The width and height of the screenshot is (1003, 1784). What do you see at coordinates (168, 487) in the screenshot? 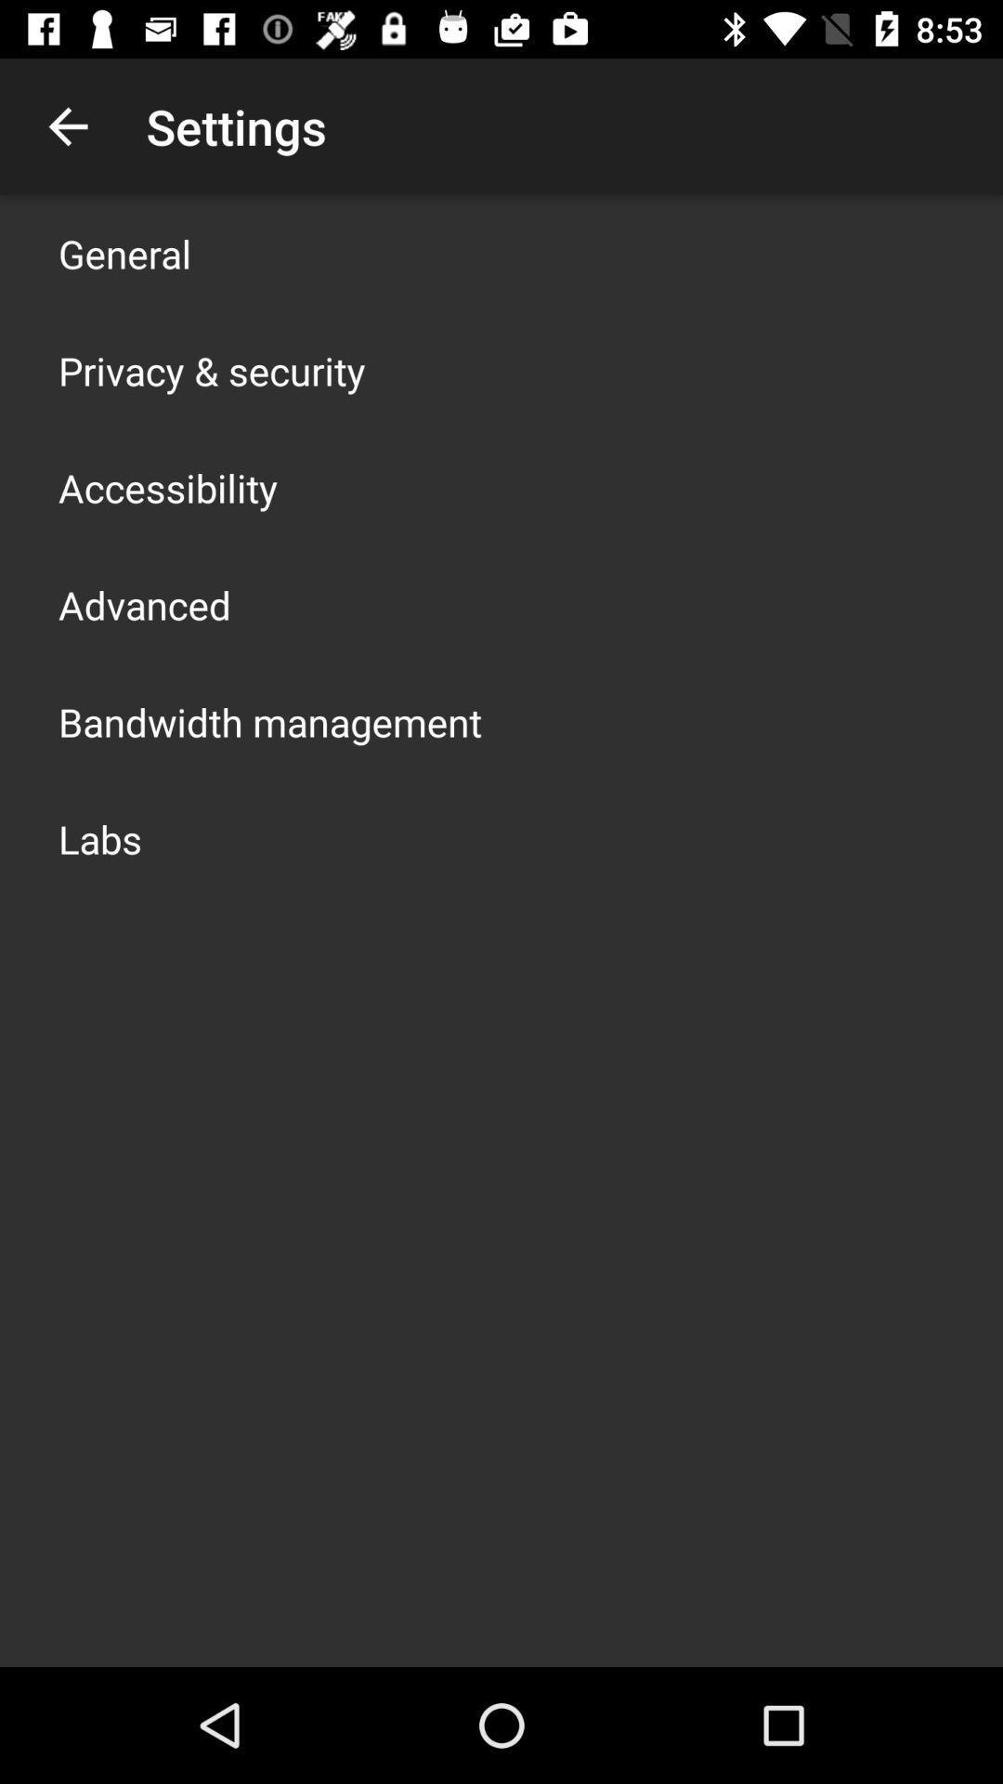
I see `app below the privacy & security item` at bounding box center [168, 487].